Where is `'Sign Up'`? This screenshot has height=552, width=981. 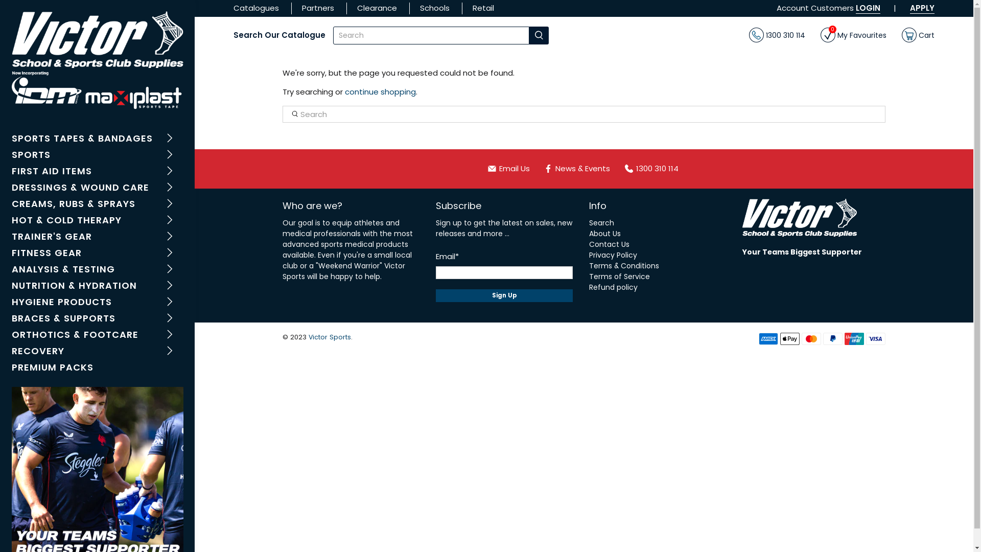 'Sign Up' is located at coordinates (436, 295).